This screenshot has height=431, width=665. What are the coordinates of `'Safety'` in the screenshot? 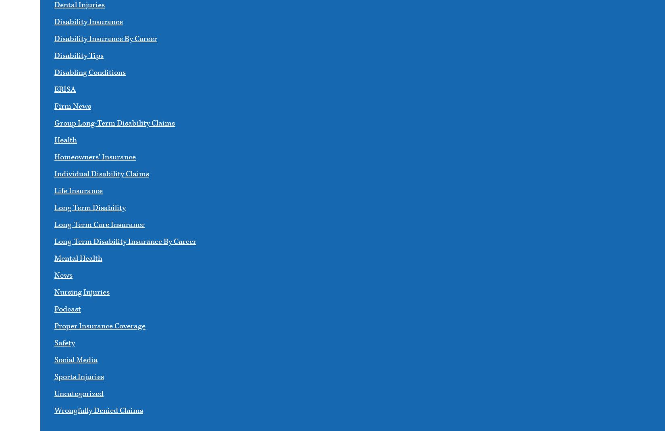 It's located at (64, 343).